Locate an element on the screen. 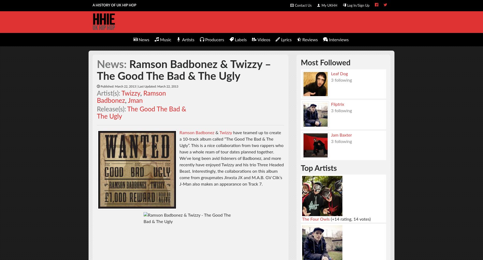  'Ramson Badbonez & Twizzy – The Good The Bad & The Ugly' is located at coordinates (184, 70).